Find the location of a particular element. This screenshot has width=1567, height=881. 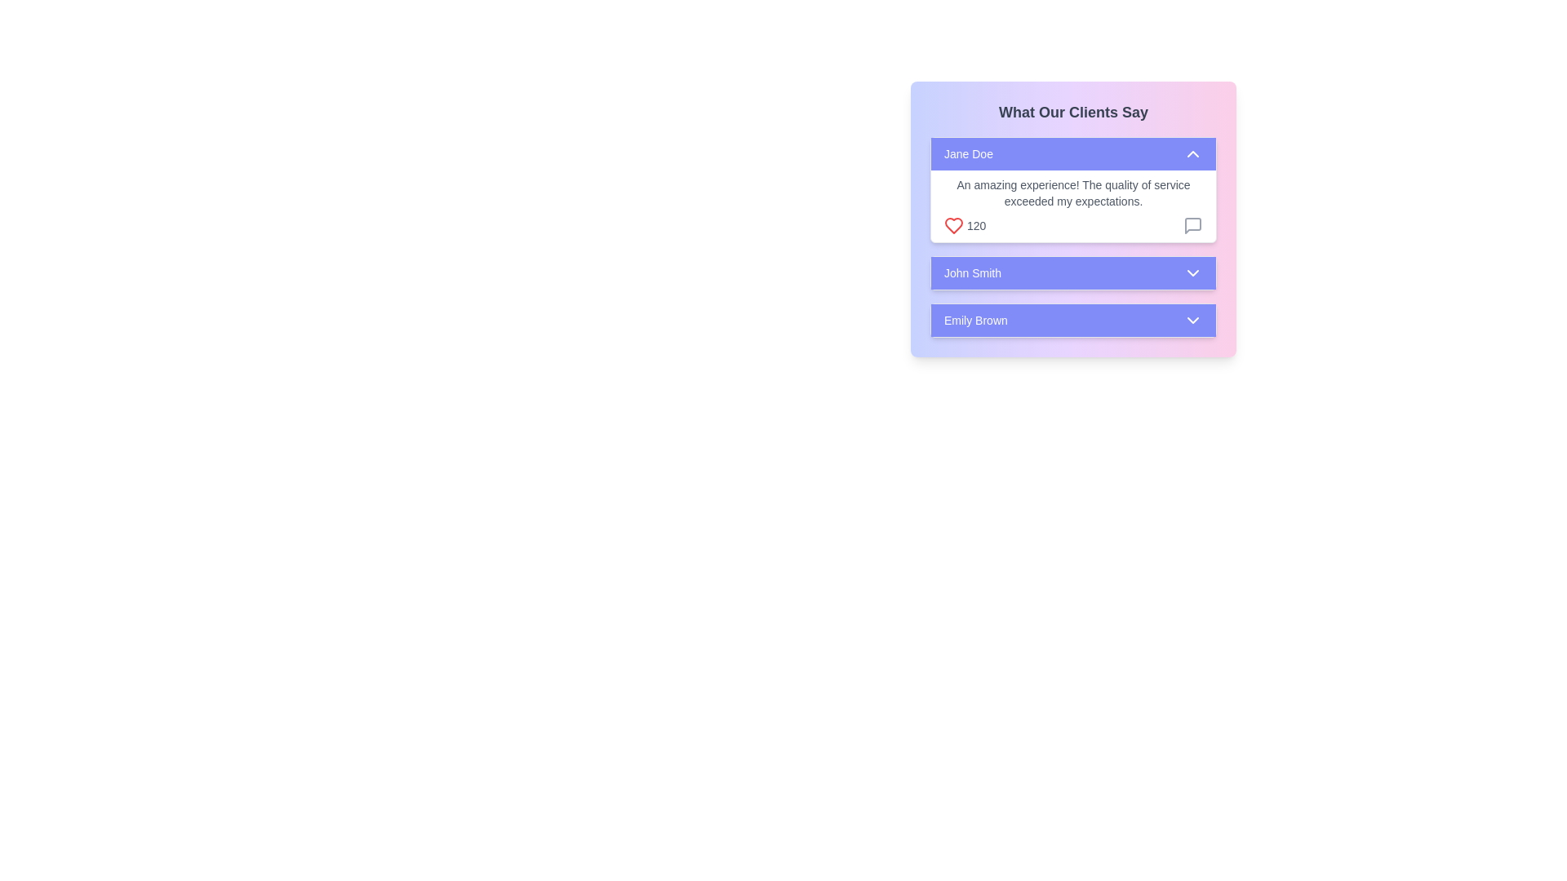

displayed text 'Emily Brown' which is positioned on a purple button-like background within the 'What Our Clients Say' panel is located at coordinates (975, 321).